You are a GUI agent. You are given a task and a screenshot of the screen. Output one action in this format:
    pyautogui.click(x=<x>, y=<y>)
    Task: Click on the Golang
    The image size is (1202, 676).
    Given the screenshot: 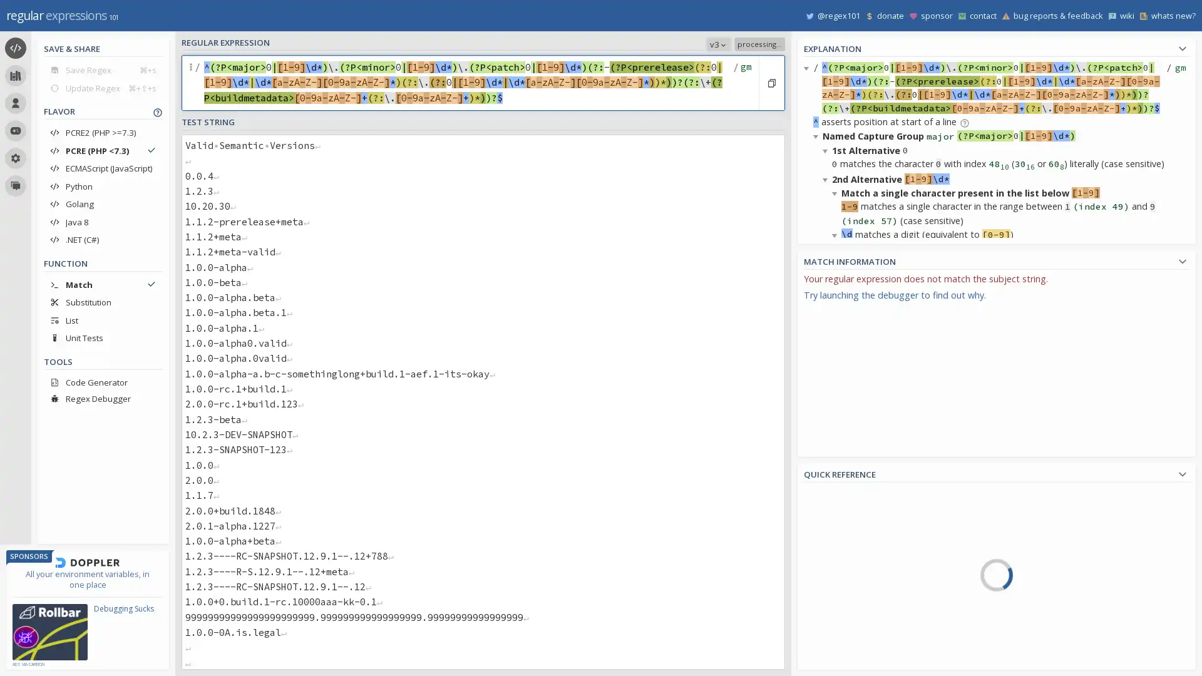 What is the action you would take?
    pyautogui.click(x=103, y=203)
    